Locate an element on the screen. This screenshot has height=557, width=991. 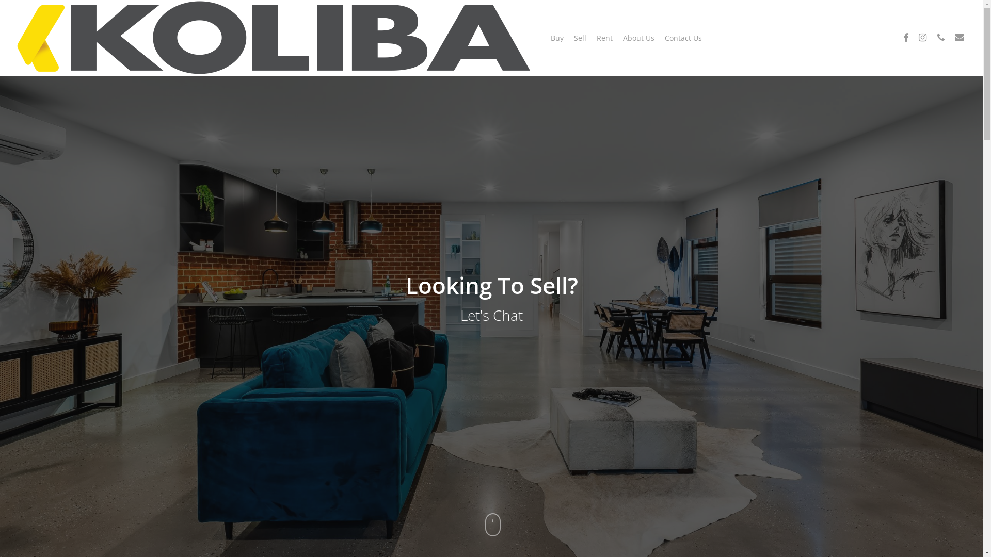
'Rent' is located at coordinates (597, 37).